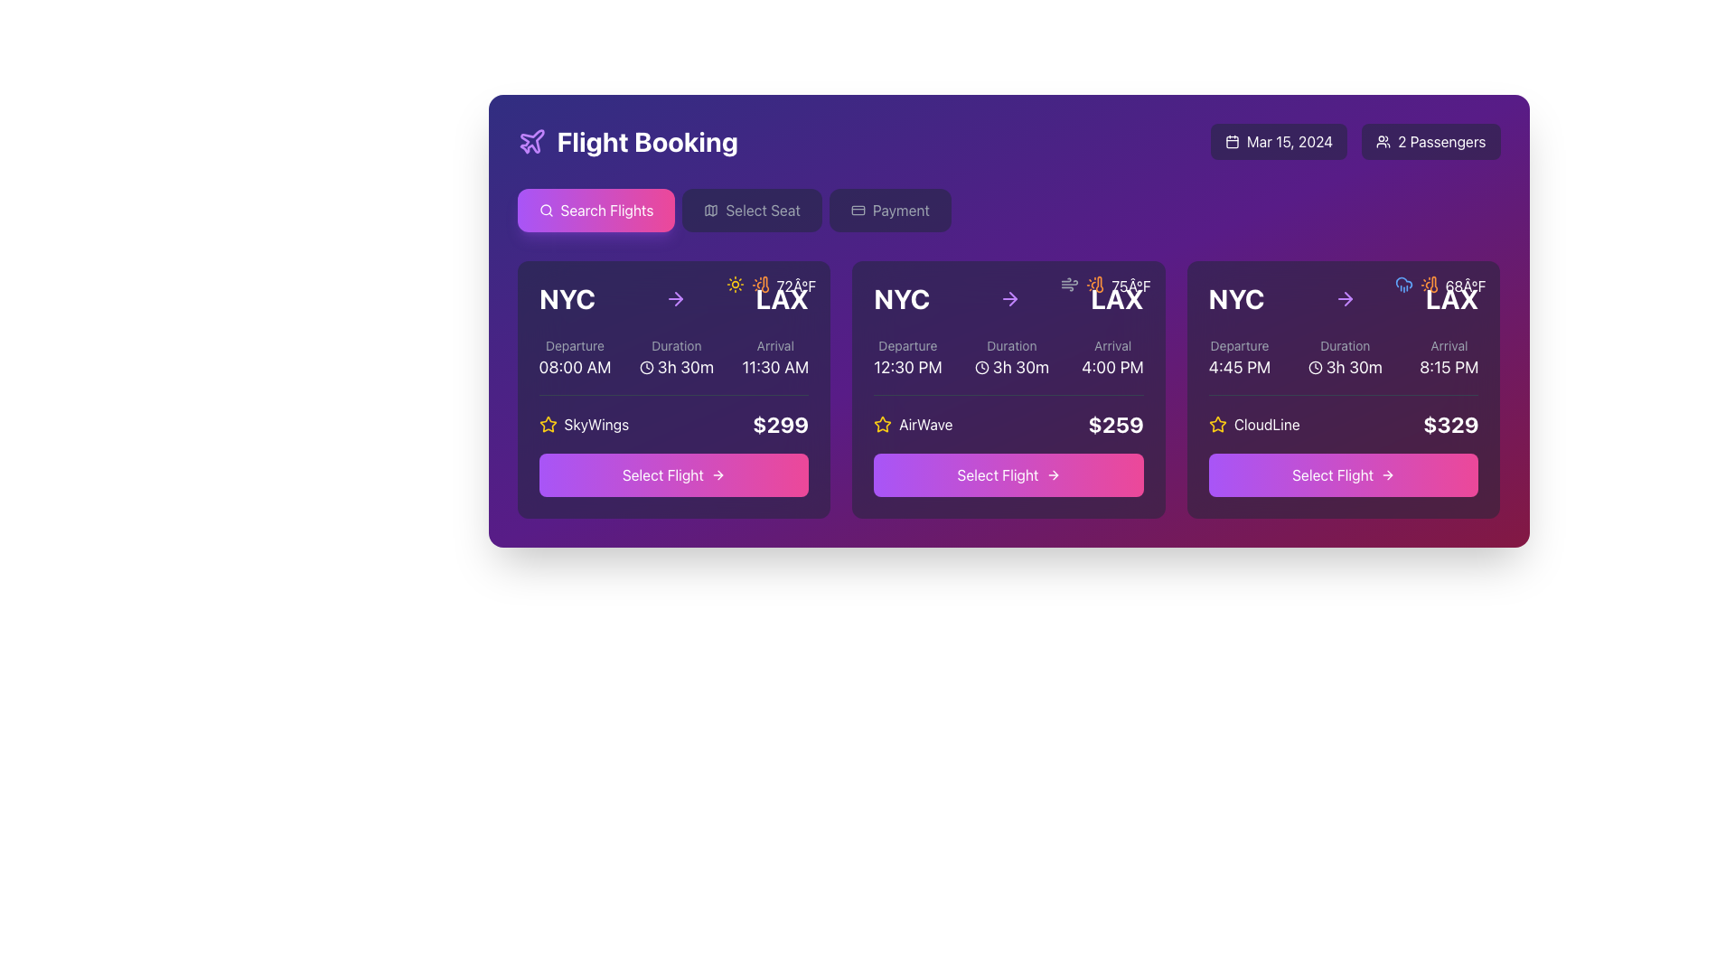 Image resolution: width=1735 pixels, height=976 pixels. I want to click on the text label displaying 'LAX' in bold white font located in the upper-right corner of the card-like UI component, adjacent to flight details and pricing information, so click(782, 298).